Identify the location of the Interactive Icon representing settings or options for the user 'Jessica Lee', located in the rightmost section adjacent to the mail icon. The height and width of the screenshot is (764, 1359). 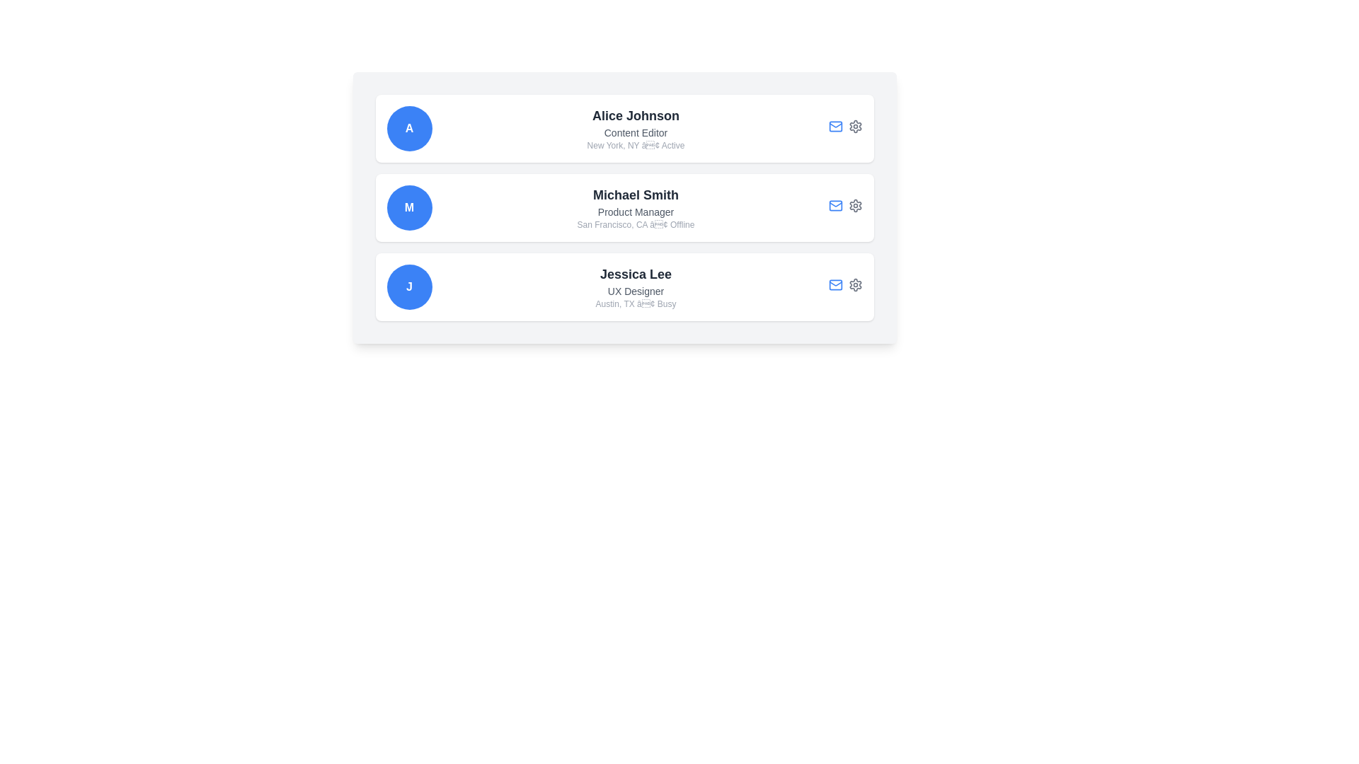
(854, 284).